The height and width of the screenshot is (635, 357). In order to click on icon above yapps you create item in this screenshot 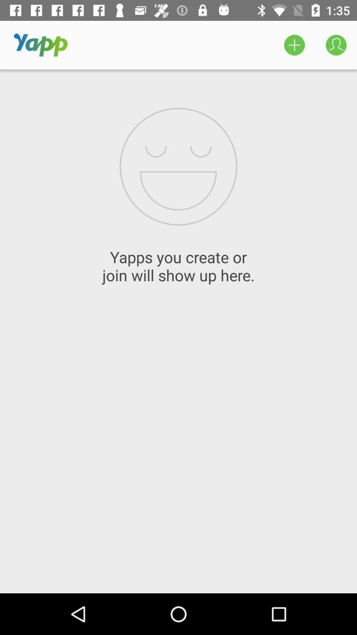, I will do `click(294, 45)`.